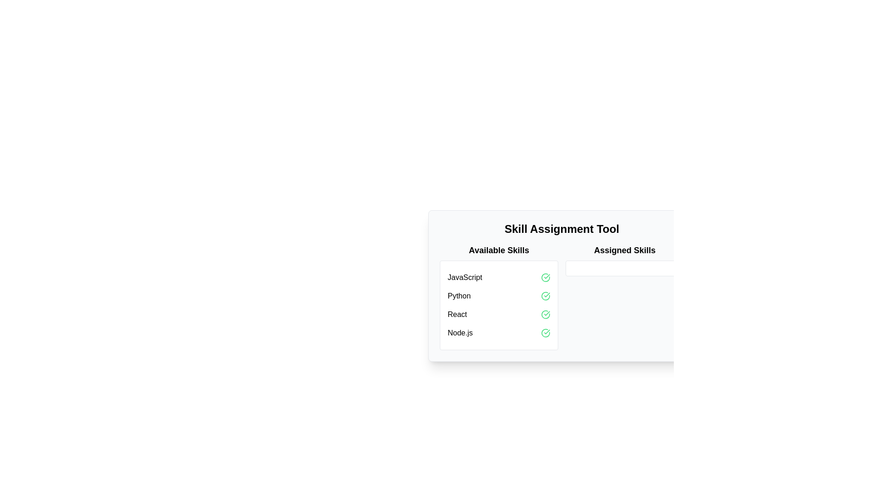 This screenshot has height=499, width=888. I want to click on the third skill label in the 'Available Skills' section of the 'Skill Assignment Tool' interface, so click(457, 314).